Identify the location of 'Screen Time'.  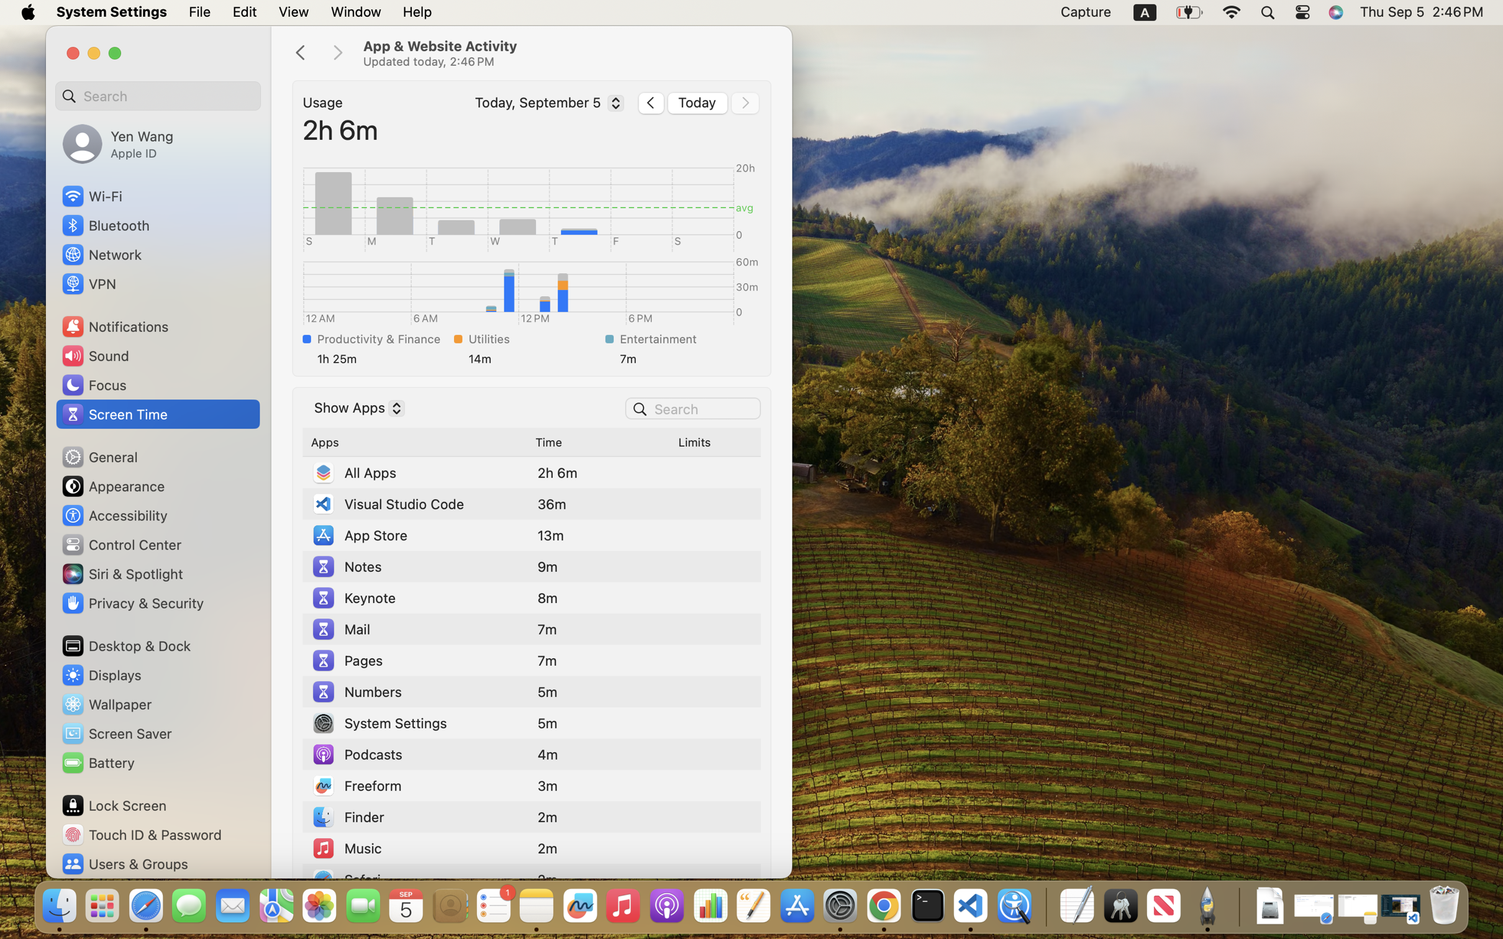
(113, 413).